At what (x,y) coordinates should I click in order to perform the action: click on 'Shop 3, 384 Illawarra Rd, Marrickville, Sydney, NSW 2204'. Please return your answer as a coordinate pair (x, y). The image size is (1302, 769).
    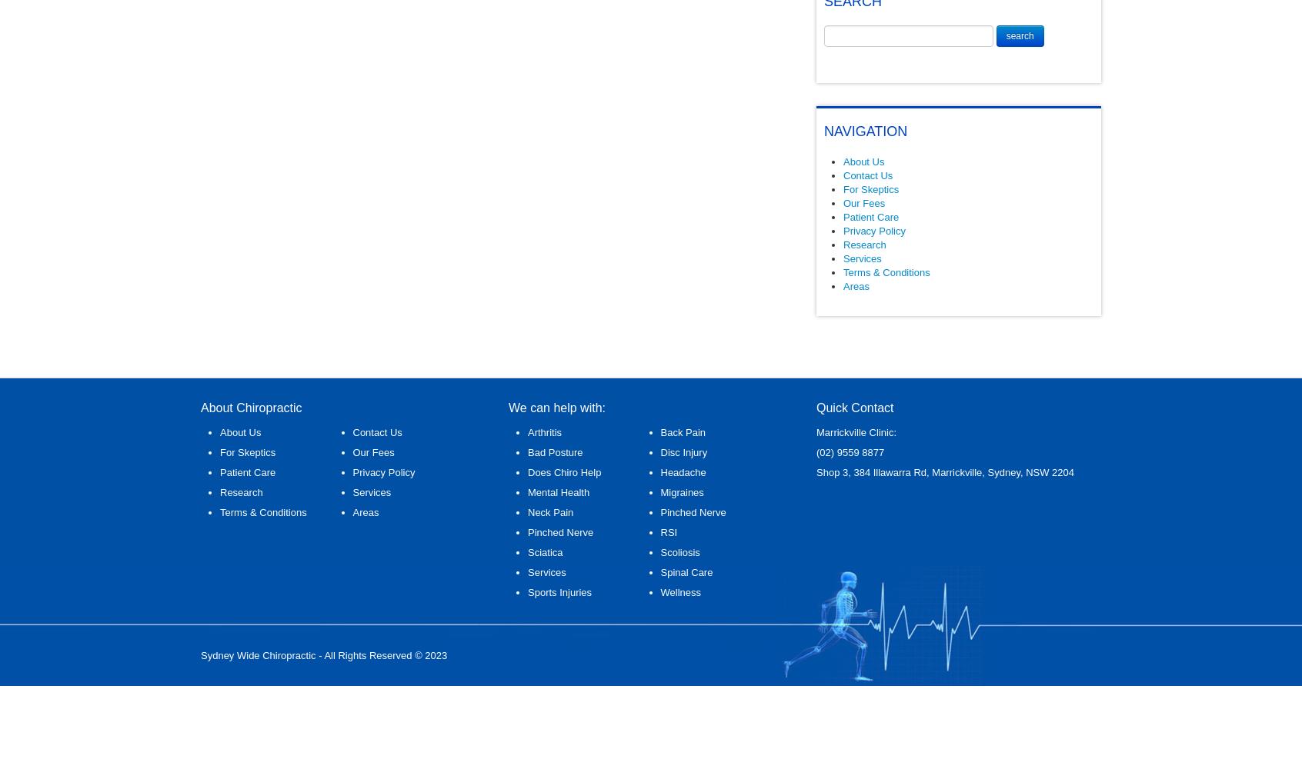
    Looking at the image, I should click on (945, 471).